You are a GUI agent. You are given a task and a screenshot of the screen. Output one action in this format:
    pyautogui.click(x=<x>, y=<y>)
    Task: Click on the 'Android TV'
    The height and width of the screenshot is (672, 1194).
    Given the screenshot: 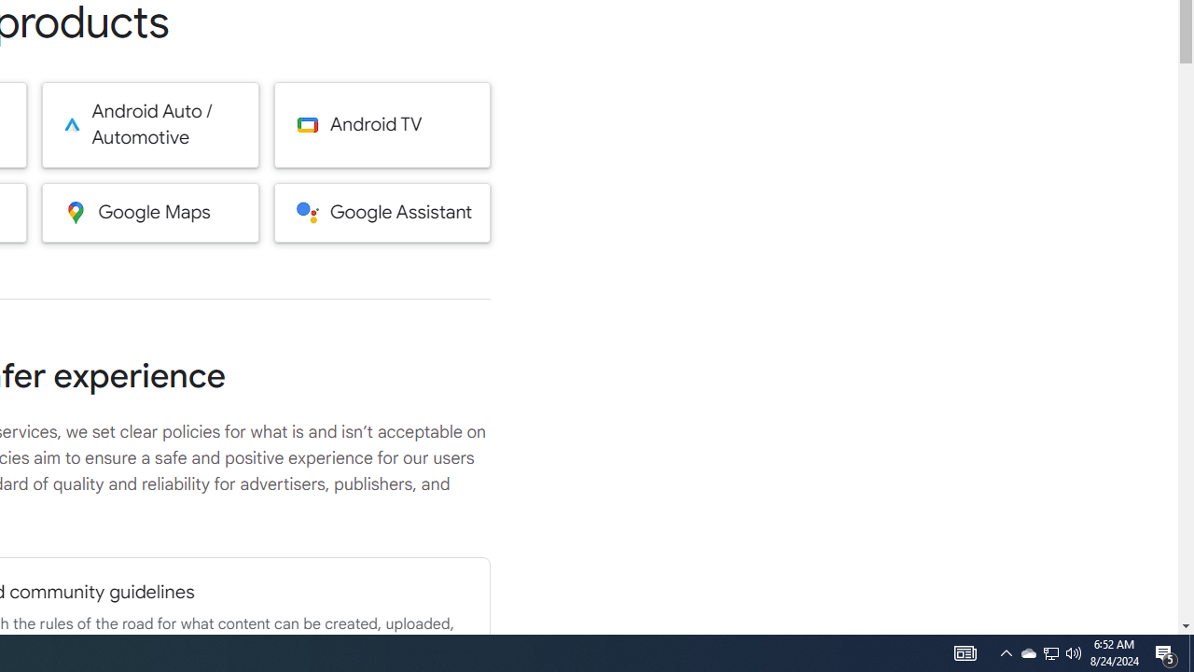 What is the action you would take?
    pyautogui.click(x=382, y=124)
    